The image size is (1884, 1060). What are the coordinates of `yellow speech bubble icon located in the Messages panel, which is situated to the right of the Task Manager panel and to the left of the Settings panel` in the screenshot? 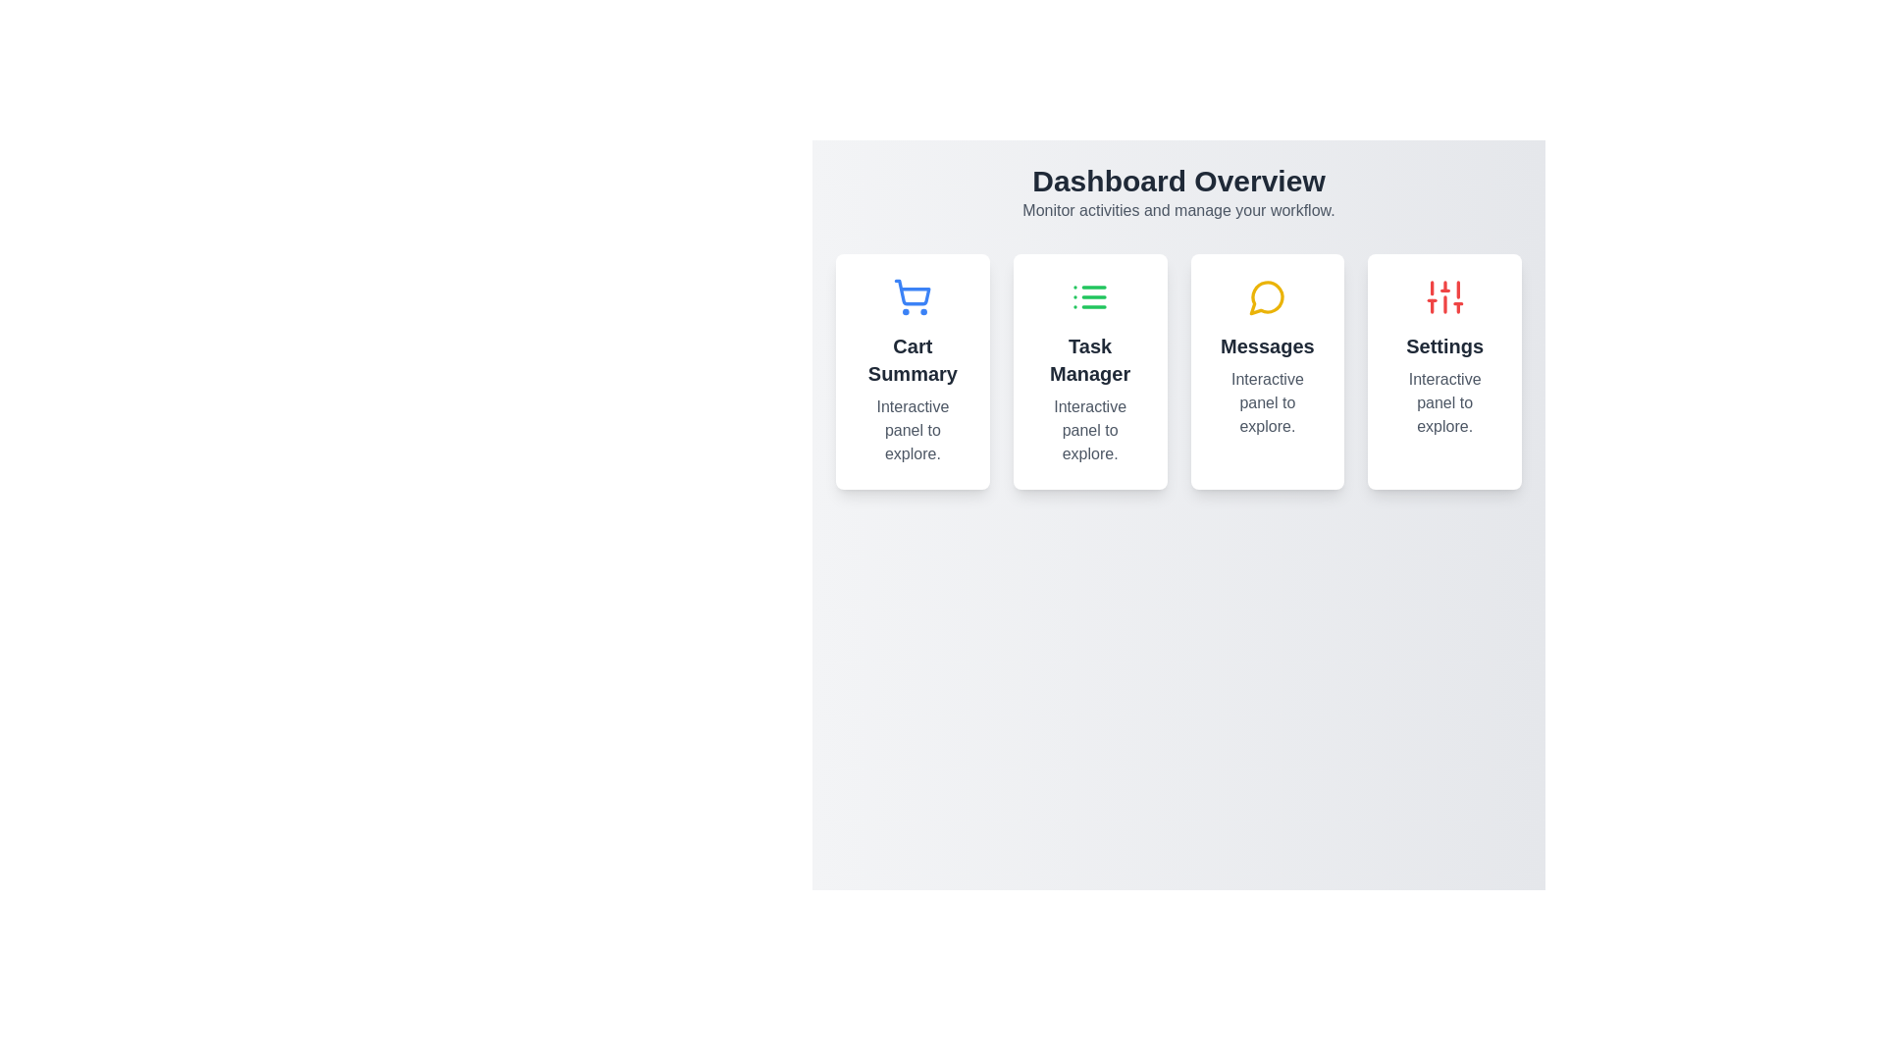 It's located at (1267, 297).